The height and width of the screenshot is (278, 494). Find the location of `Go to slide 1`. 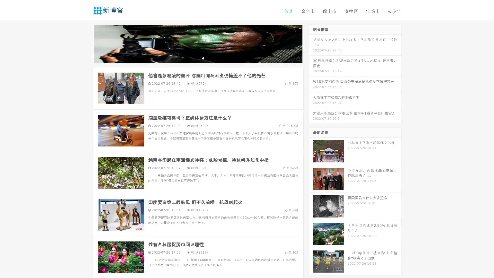

Go to slide 1 is located at coordinates (192, 58).